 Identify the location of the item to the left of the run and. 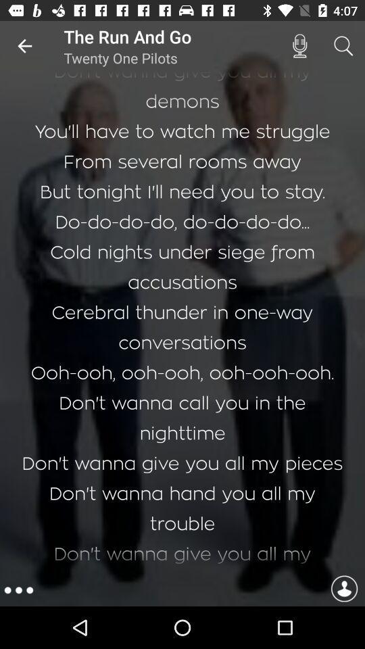
(24, 46).